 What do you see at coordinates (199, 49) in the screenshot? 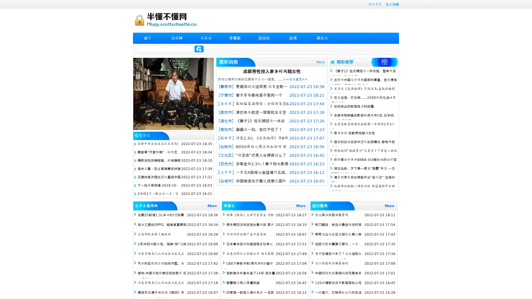
I see `Search` at bounding box center [199, 49].